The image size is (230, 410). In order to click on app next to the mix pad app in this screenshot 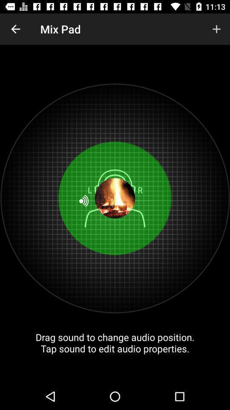, I will do `click(15, 29)`.